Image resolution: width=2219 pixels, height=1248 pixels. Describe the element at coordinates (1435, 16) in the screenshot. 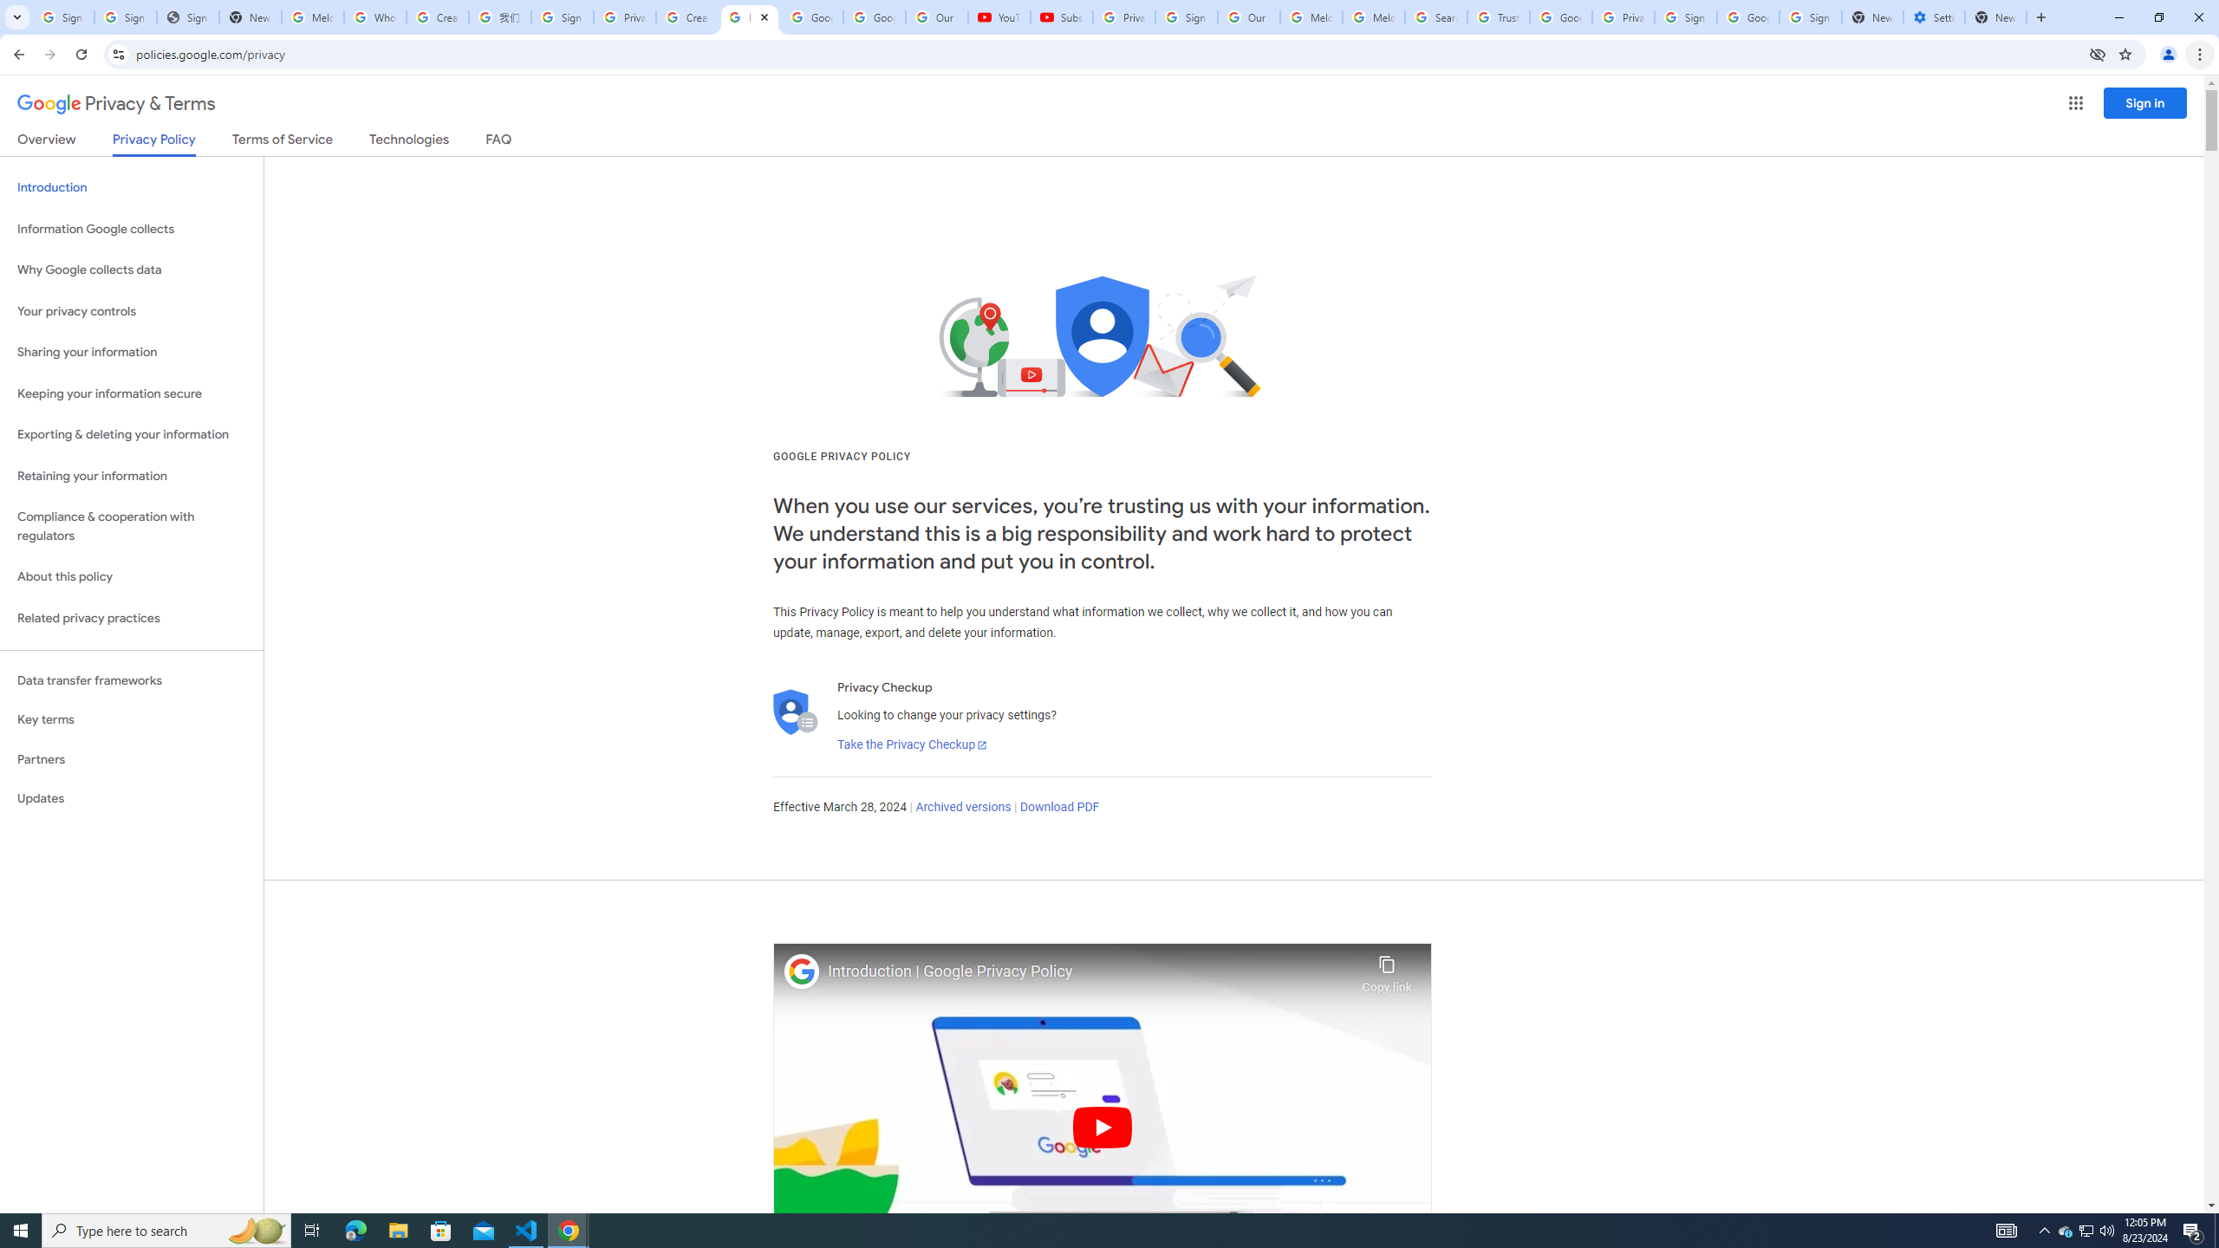

I see `'Search our Doodle Library Collection - Google Doodles'` at that location.